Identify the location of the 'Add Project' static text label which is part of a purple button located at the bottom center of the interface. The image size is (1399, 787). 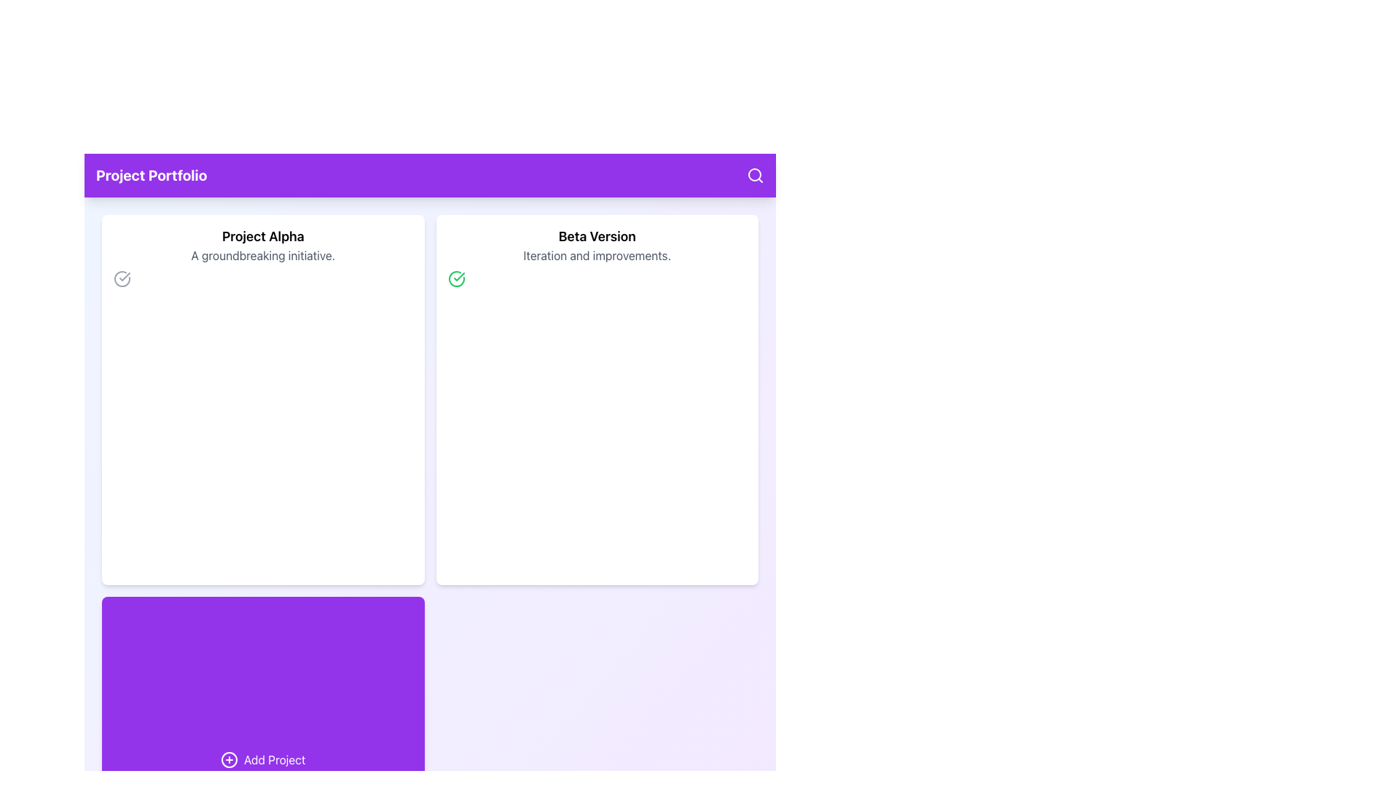
(275, 759).